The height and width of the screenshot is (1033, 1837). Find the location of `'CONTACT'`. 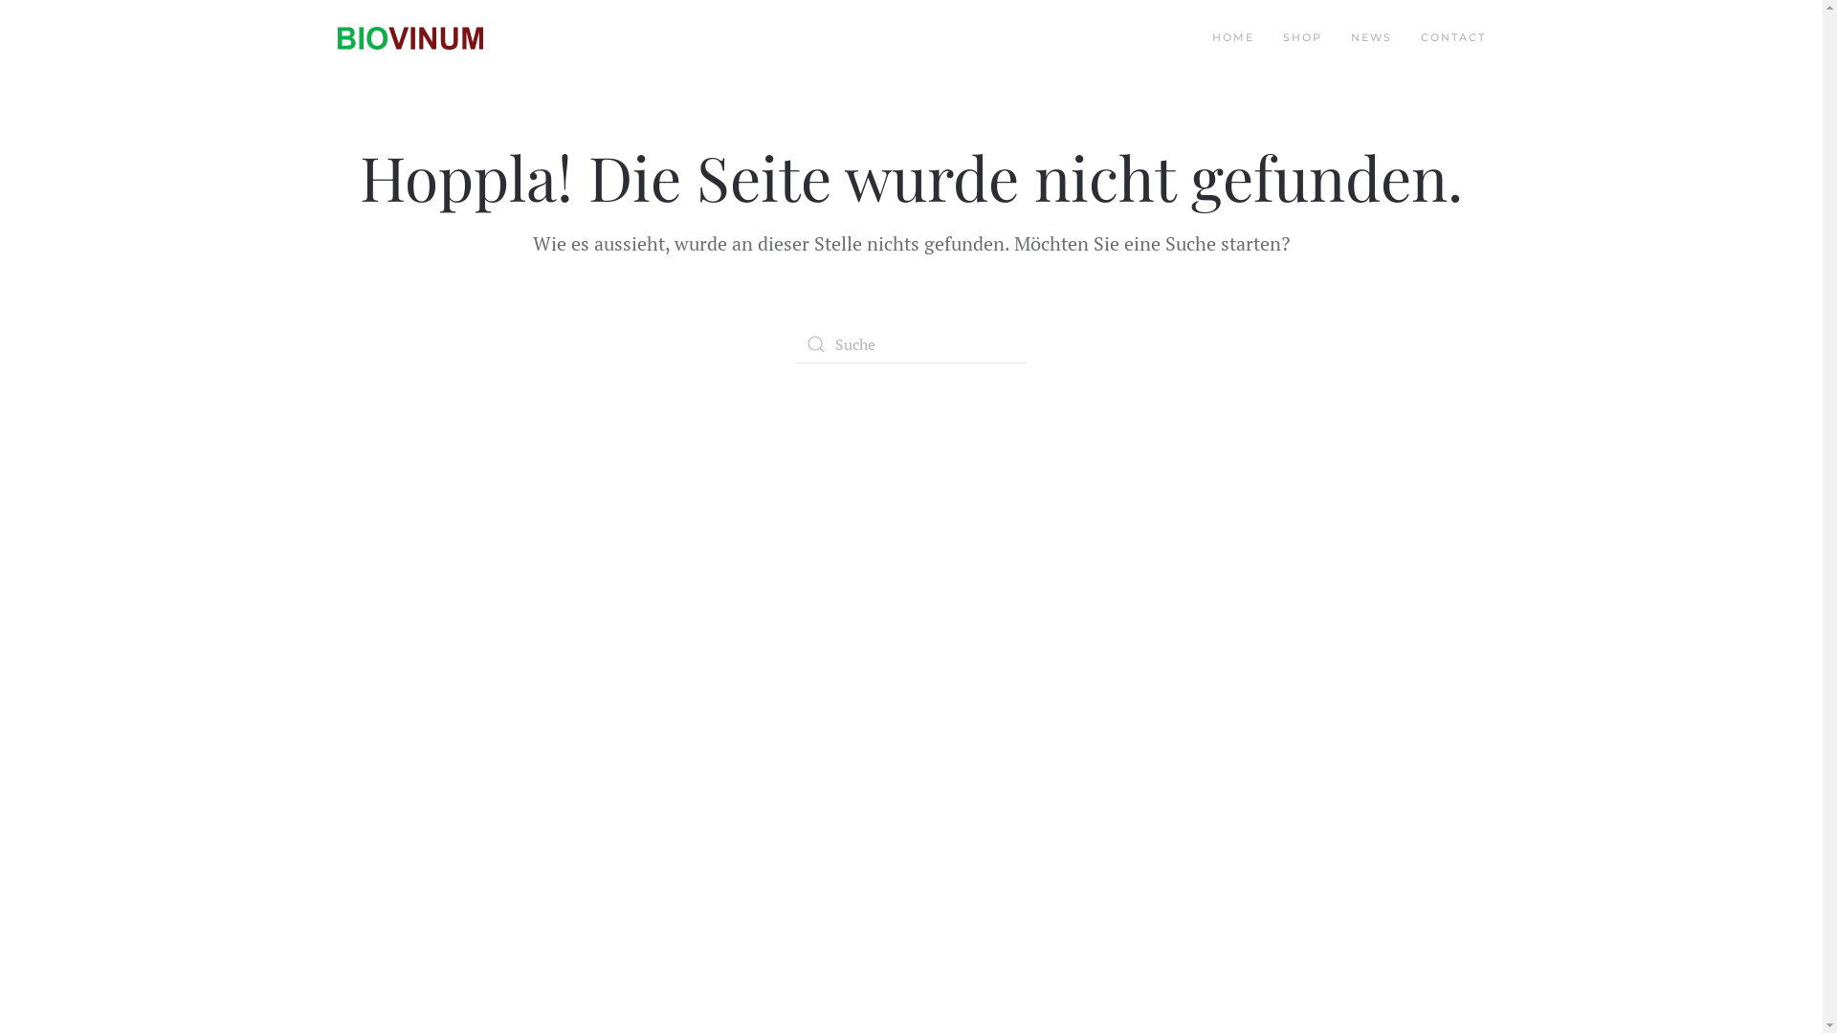

'CONTACT' is located at coordinates (1451, 37).